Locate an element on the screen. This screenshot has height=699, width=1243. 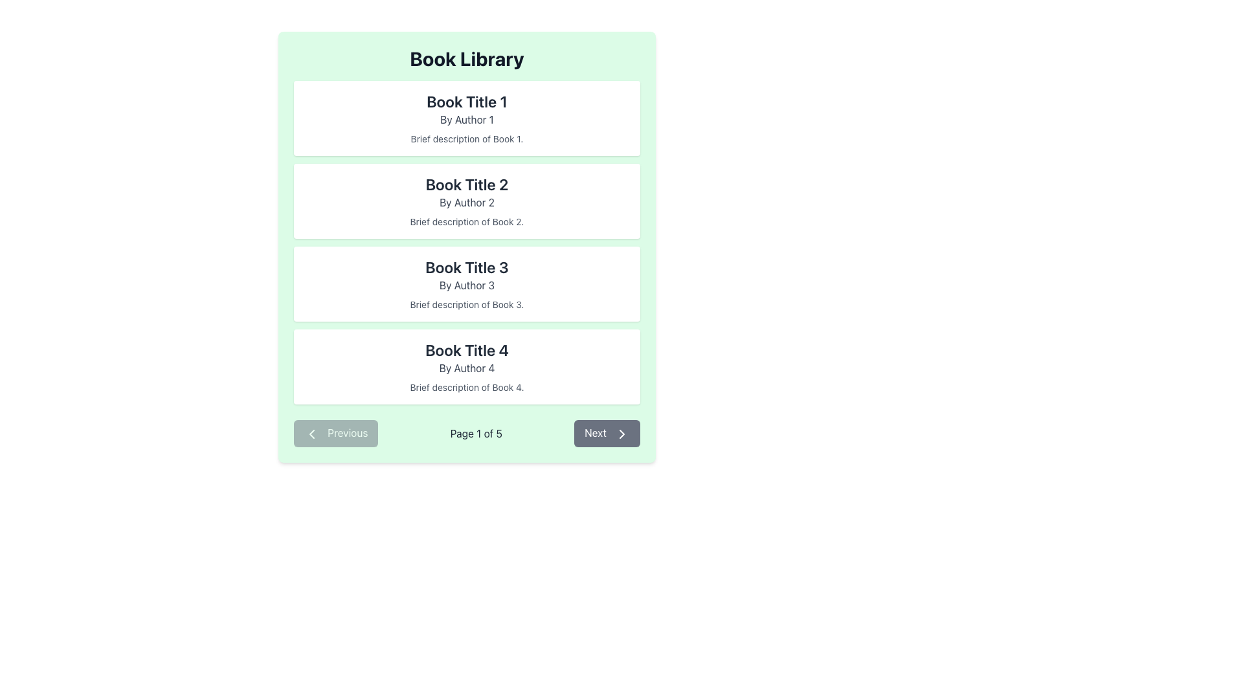
the text element that provides a brief summary for 'Book Title 2', which is positioned below the title and author name within its content card is located at coordinates (466, 221).